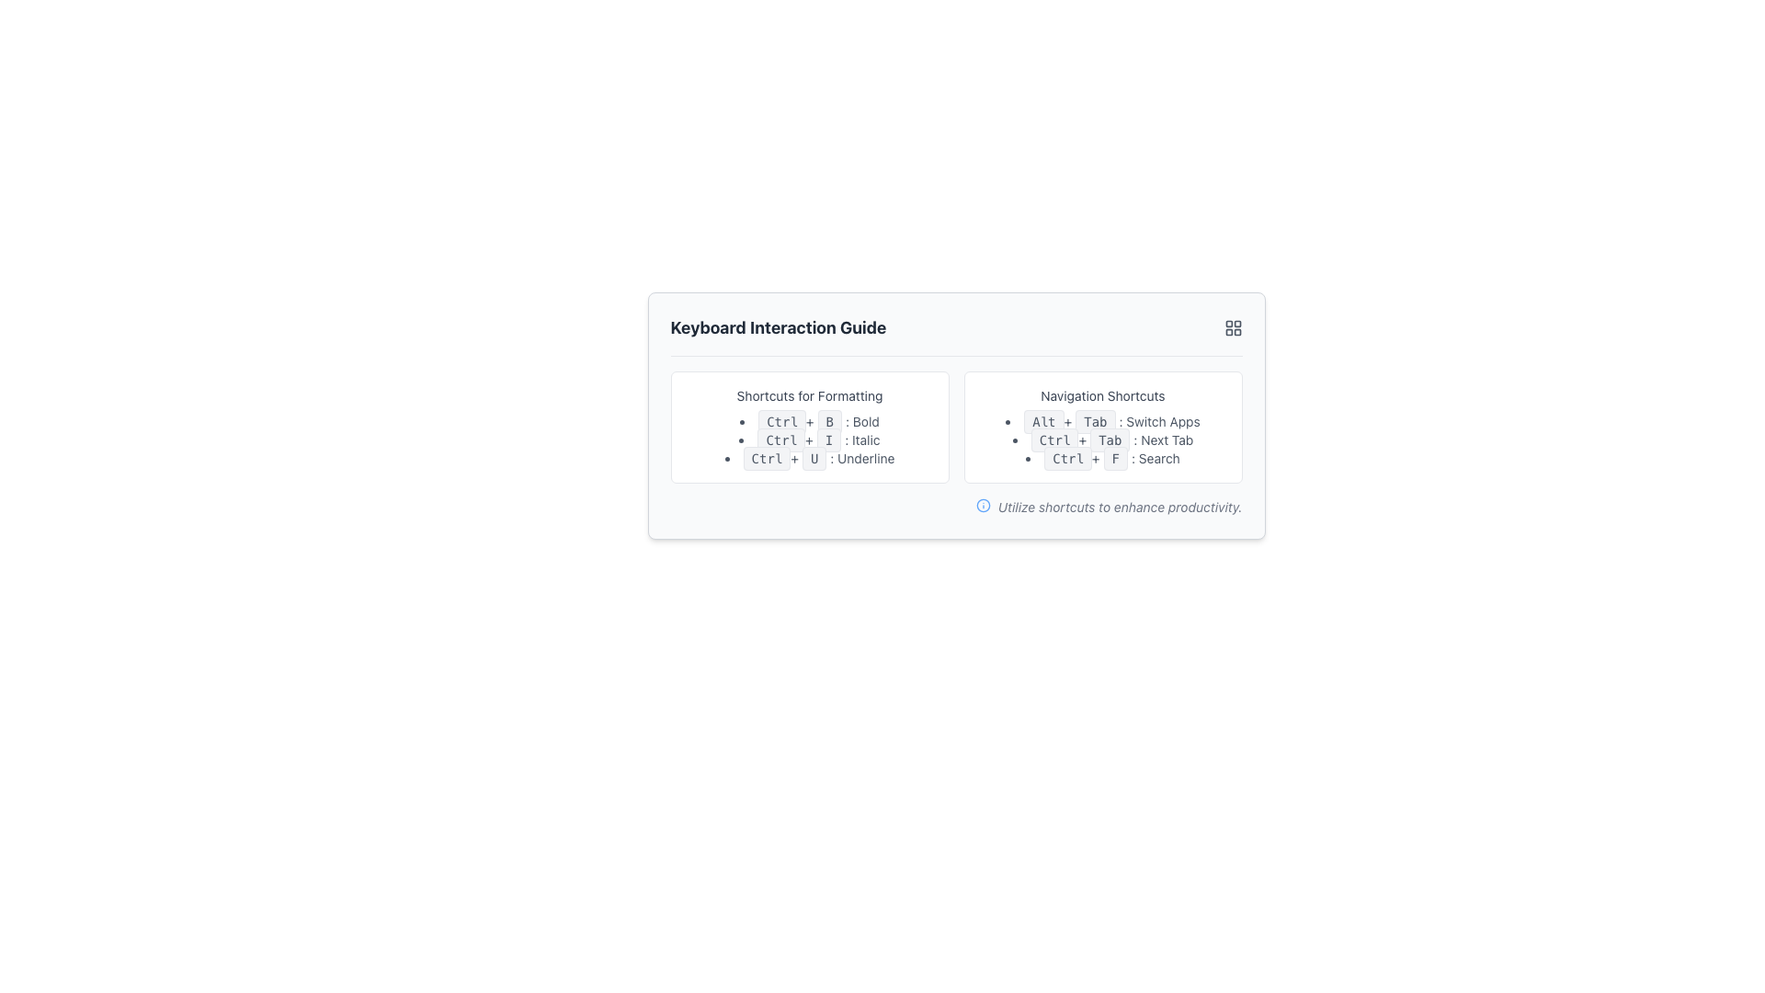 The height and width of the screenshot is (993, 1765). I want to click on the small circular information icon with a blue outline and 'i' symbol located to the left of the instructional text in the footer area for additional information, so click(982, 506).